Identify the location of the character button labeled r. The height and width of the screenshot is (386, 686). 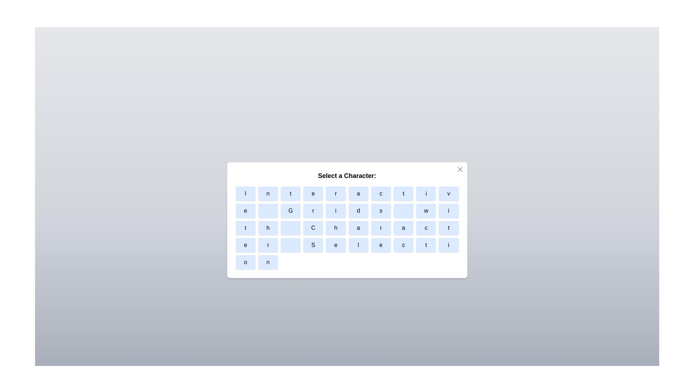
(335, 194).